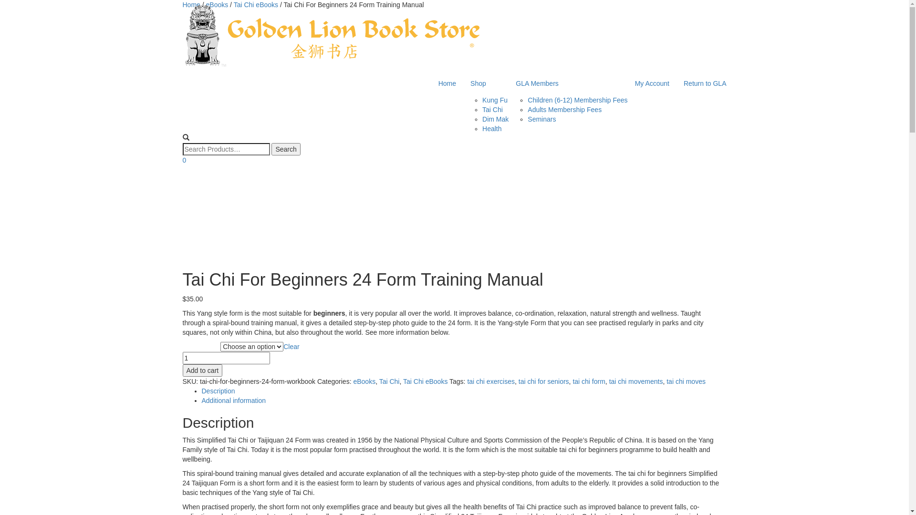 This screenshot has width=916, height=515. I want to click on 'tai chi for seniors', so click(544, 381).